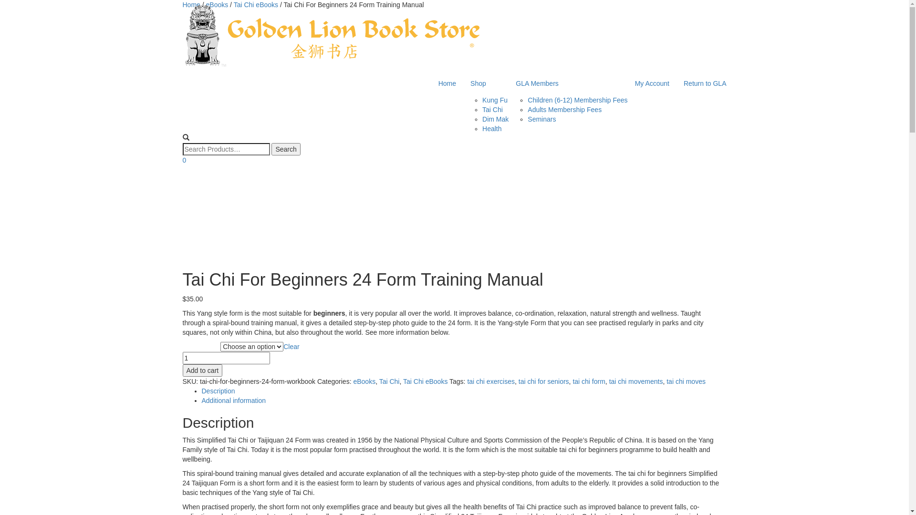 This screenshot has width=916, height=515. I want to click on 'tai chi for seniors', so click(544, 381).